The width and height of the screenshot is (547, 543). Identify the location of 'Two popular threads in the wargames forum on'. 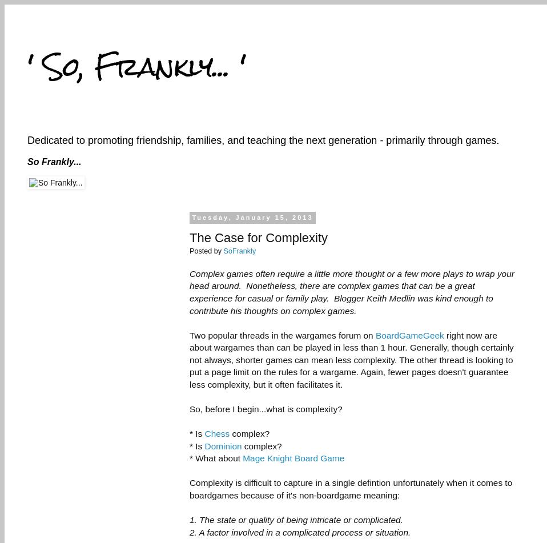
(281, 334).